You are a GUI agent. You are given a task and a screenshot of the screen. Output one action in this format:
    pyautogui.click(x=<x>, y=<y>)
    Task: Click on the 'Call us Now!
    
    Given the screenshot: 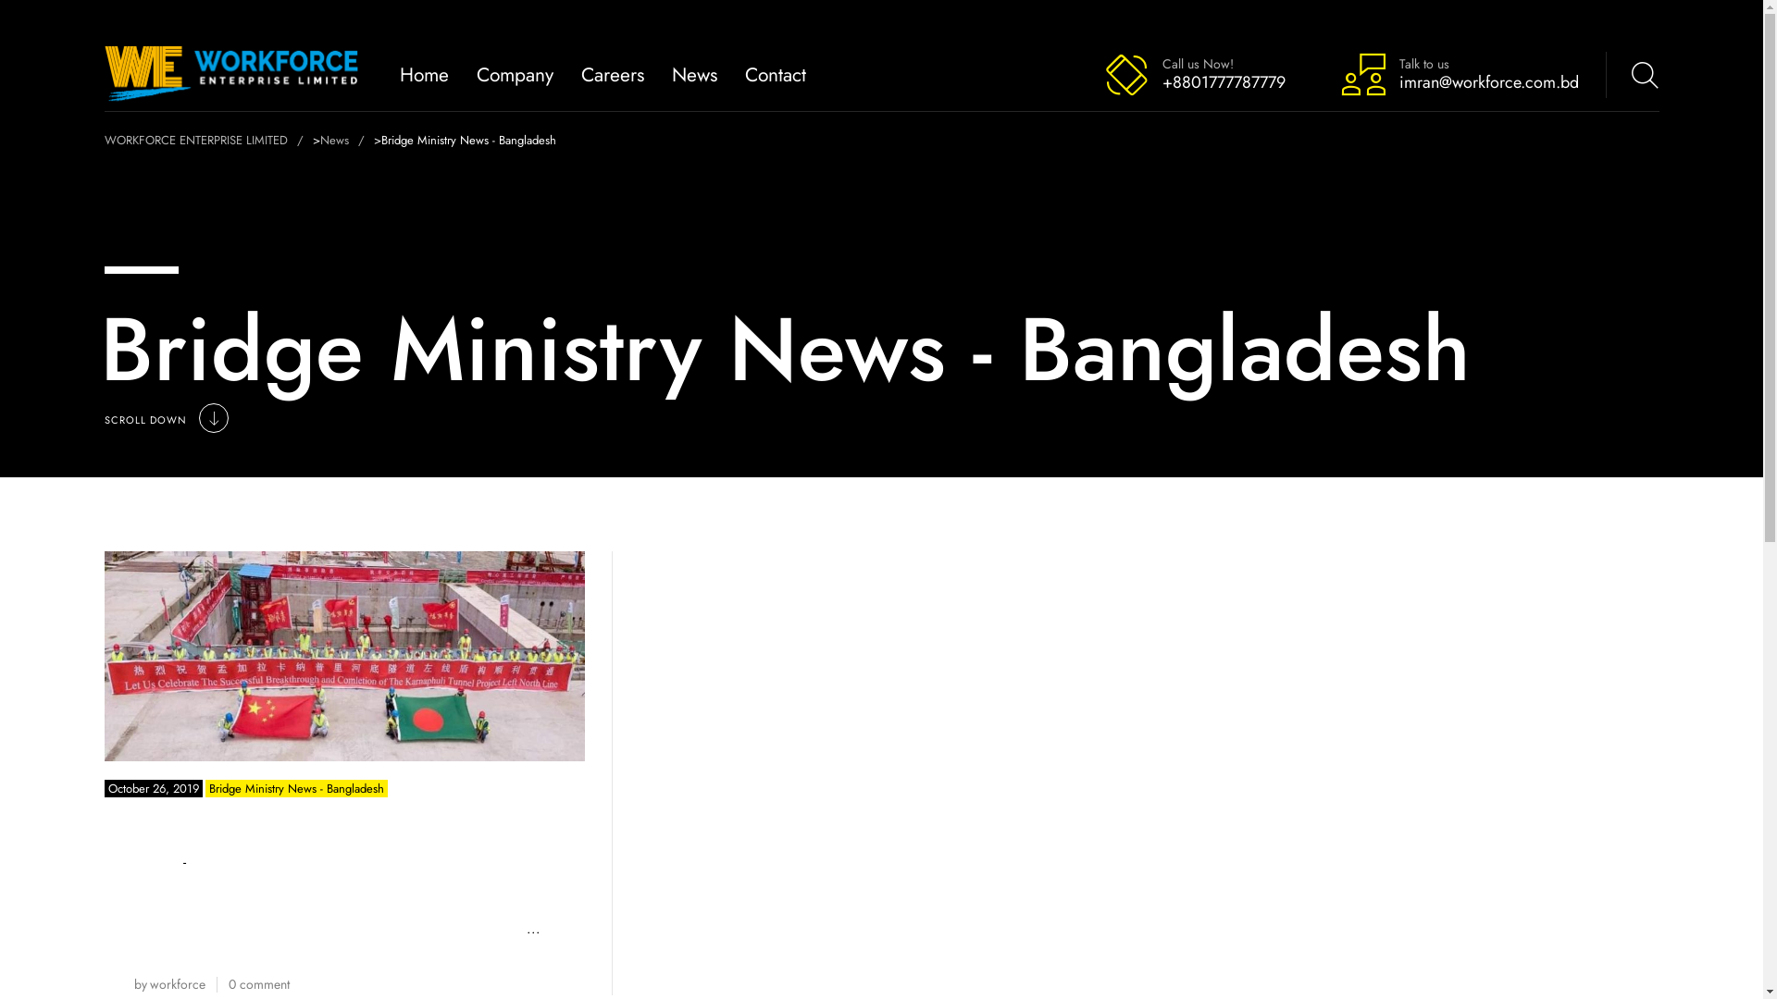 What is the action you would take?
    pyautogui.click(x=1194, y=73)
    